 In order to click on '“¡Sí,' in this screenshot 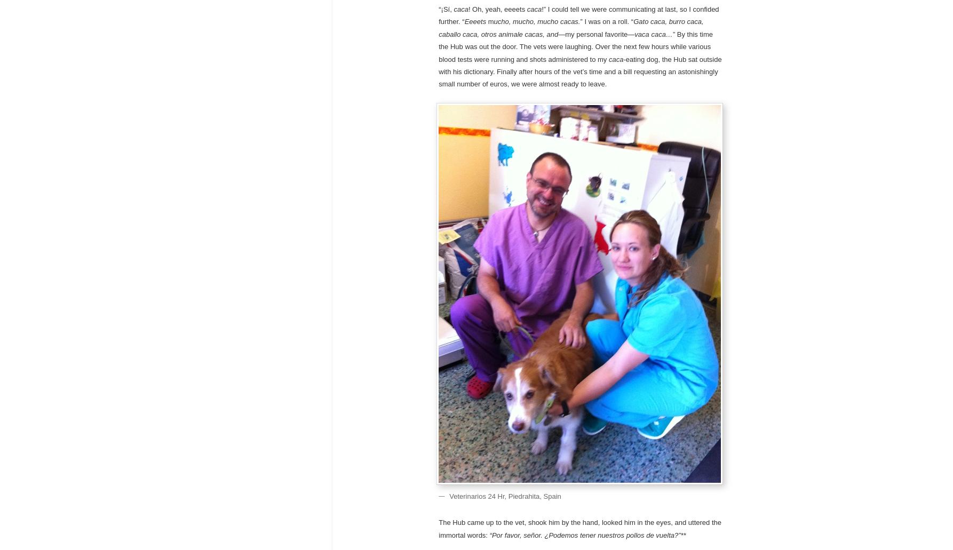, I will do `click(446, 9)`.